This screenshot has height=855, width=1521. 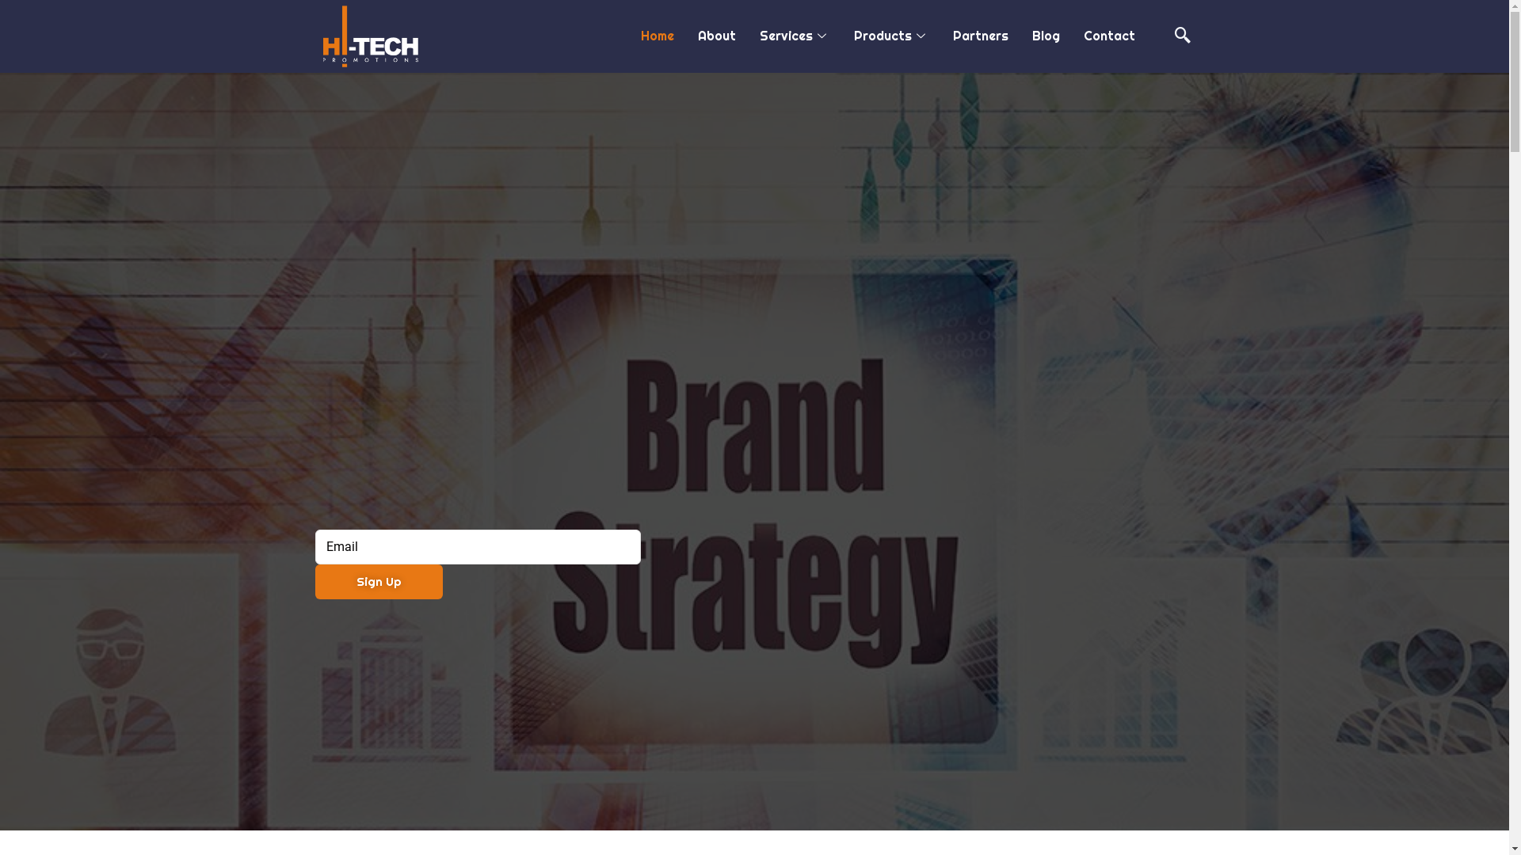 What do you see at coordinates (378, 582) in the screenshot?
I see `'Sign Up'` at bounding box center [378, 582].